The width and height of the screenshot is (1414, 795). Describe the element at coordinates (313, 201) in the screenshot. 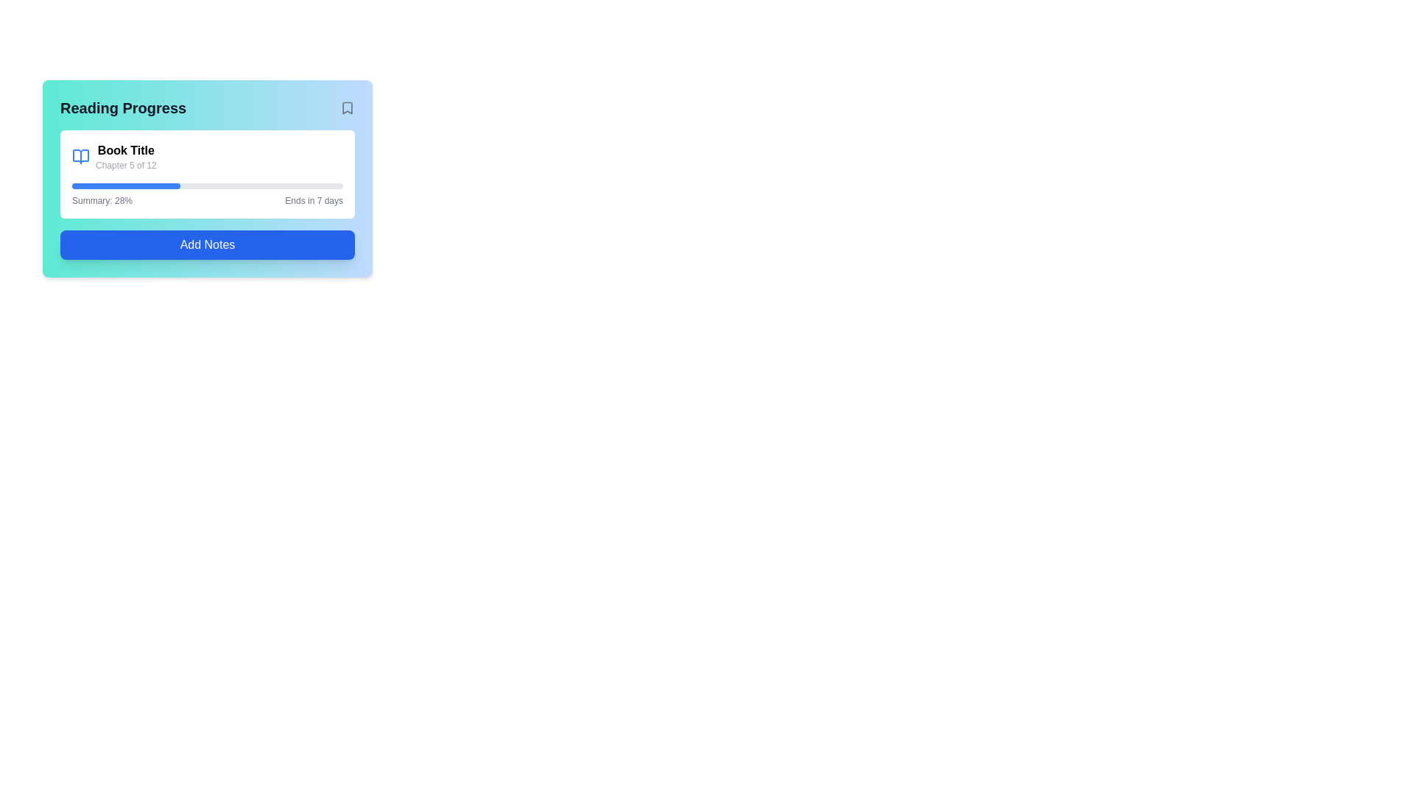

I see `the text element that informs the user about a deadline or remaining time, which is aligned with the text 'Summary: 28%' on its left` at that location.